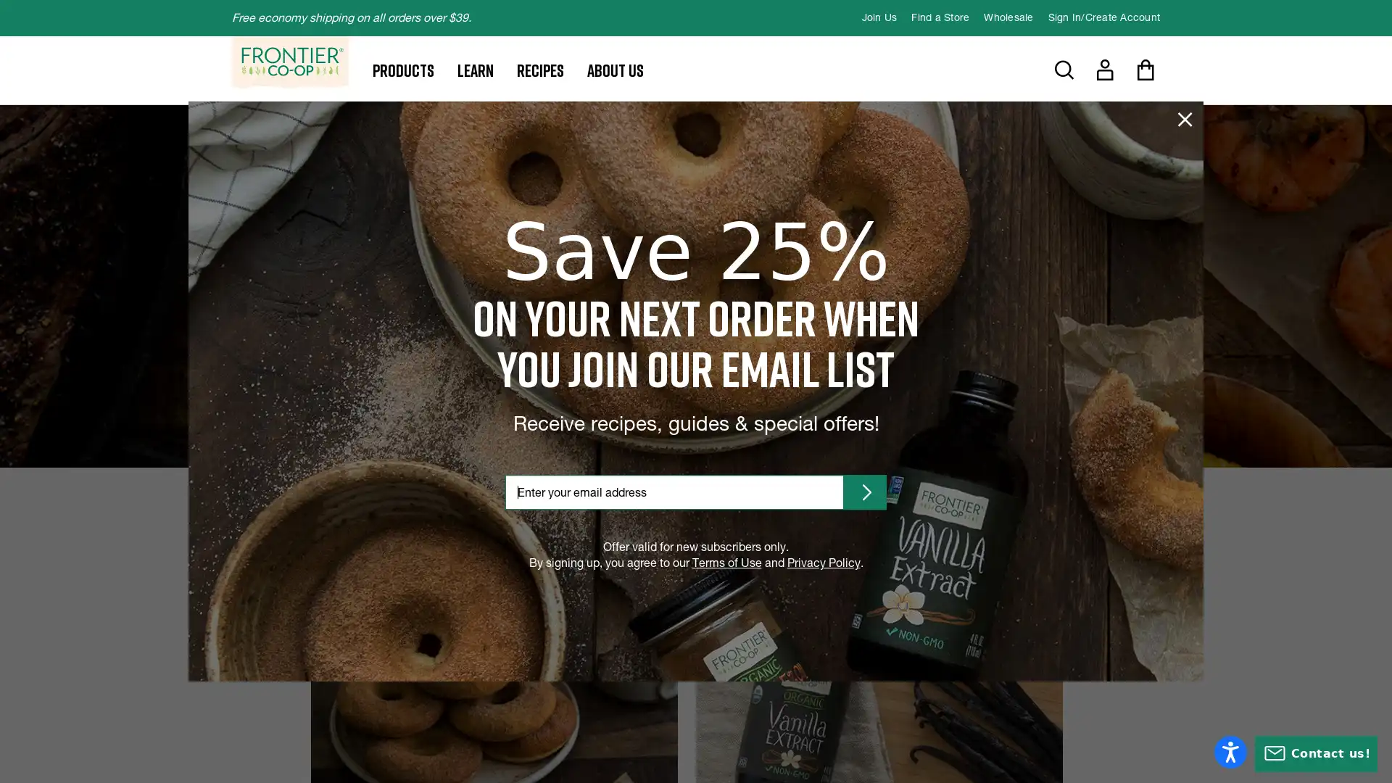  Describe the element at coordinates (1230, 751) in the screenshot. I see `Open accessibility options, statement and help` at that location.